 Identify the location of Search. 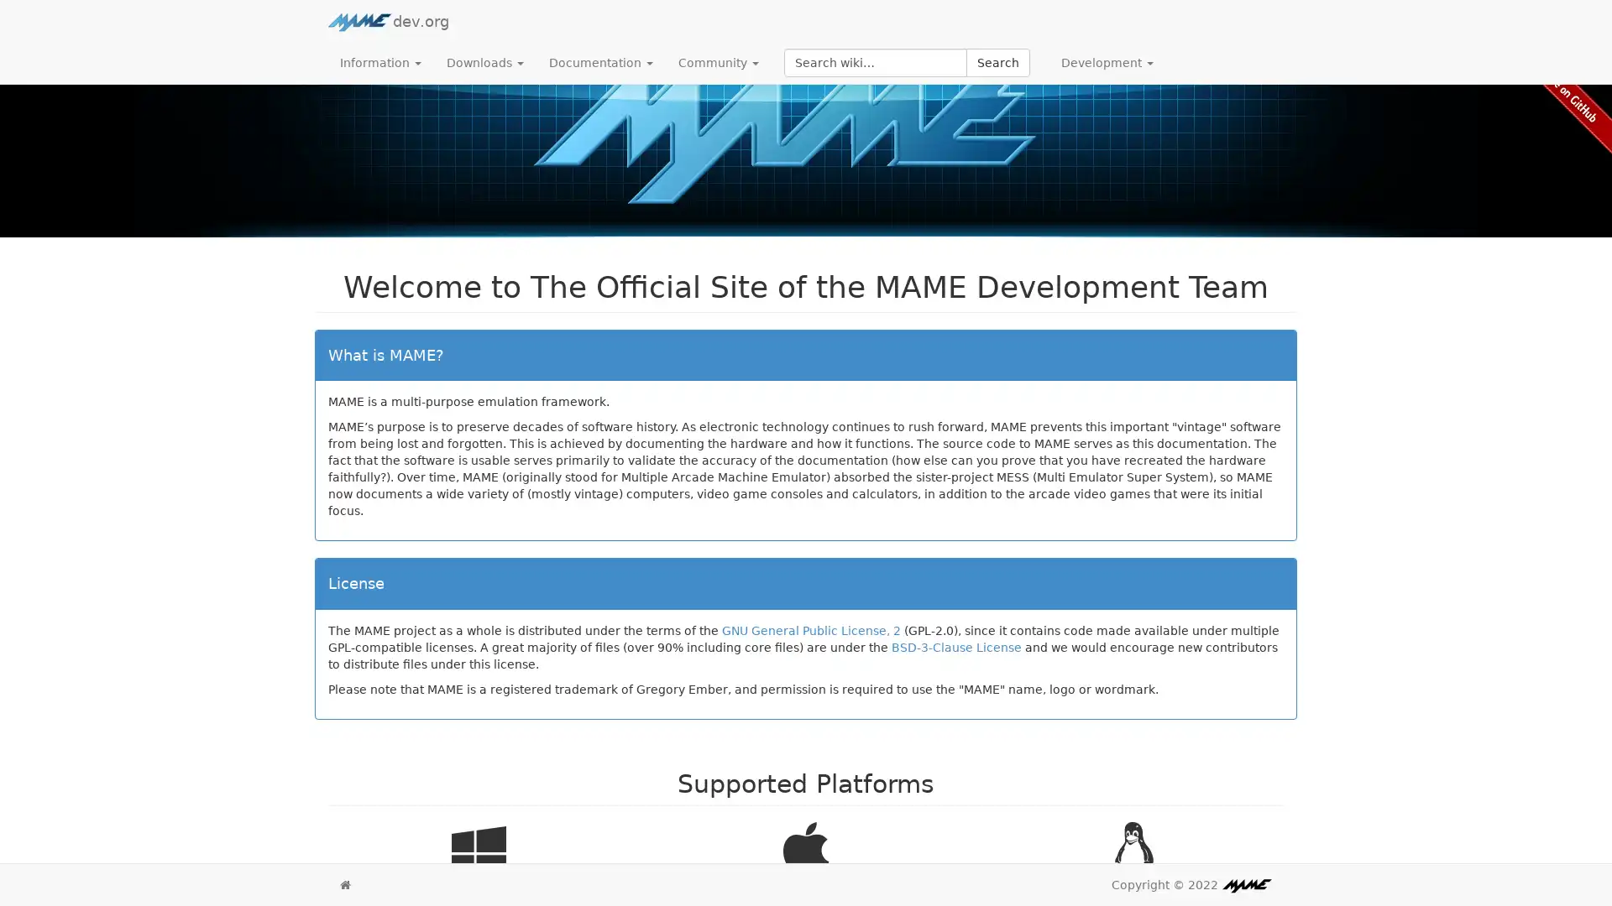
(998, 61).